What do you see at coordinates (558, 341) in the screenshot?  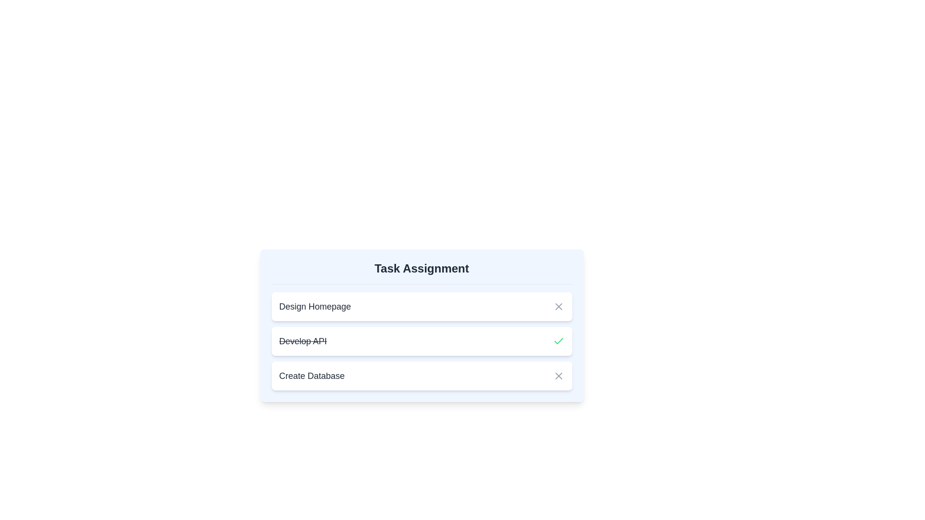 I see `the green checkmark icon located to the right of the 'Develop API' text` at bounding box center [558, 341].